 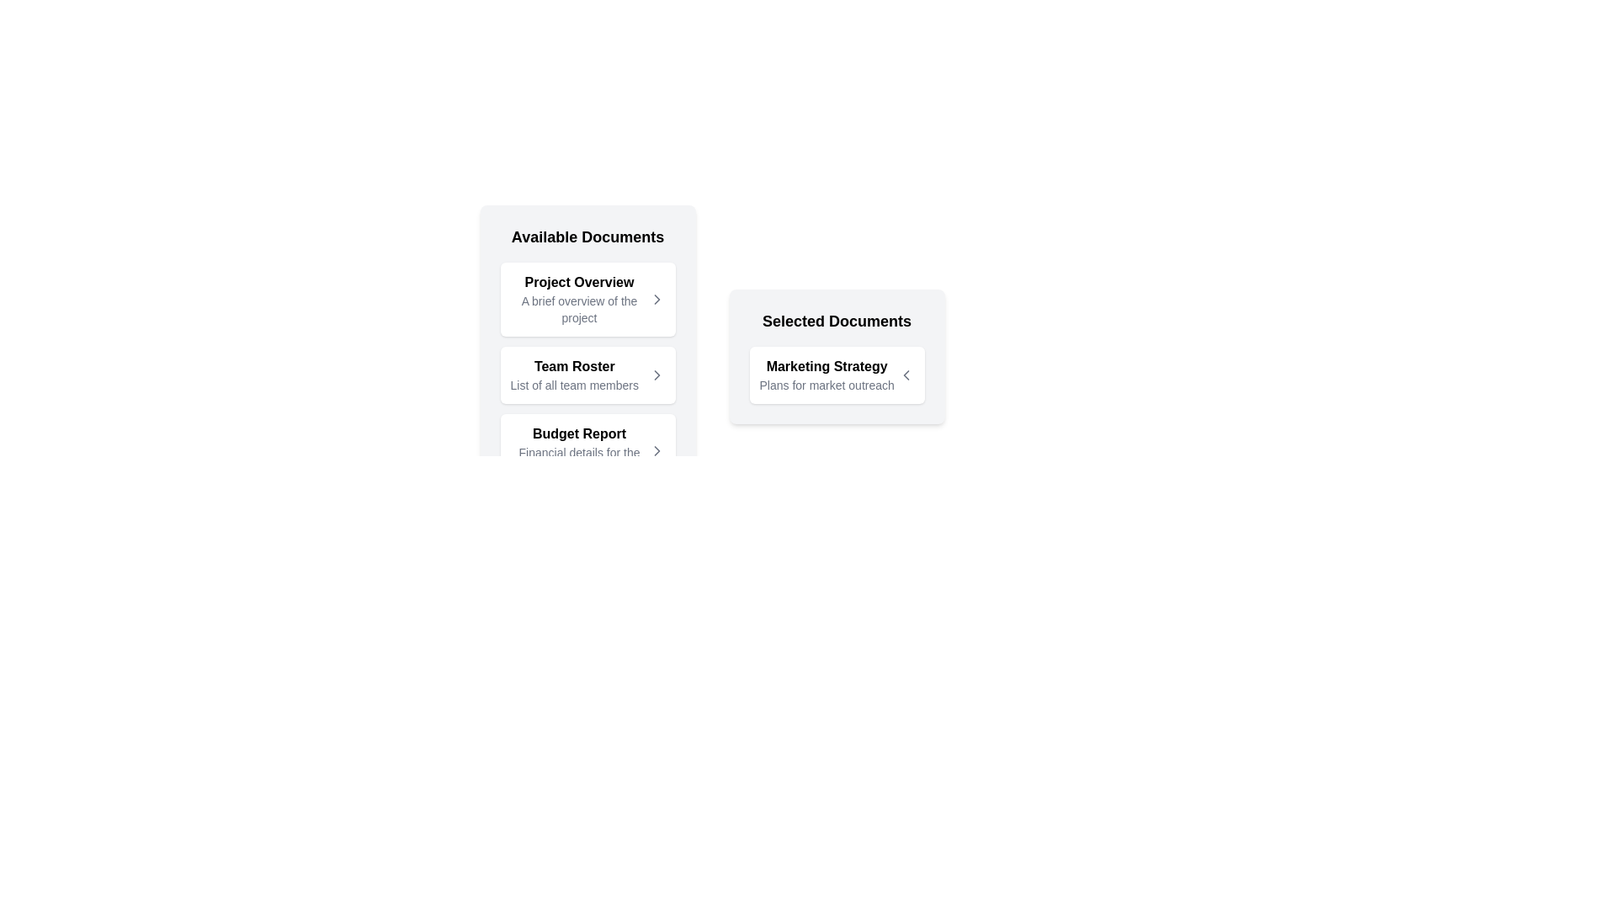 I want to click on the arrow button next to the document Budget Report to view its details, so click(x=656, y=450).